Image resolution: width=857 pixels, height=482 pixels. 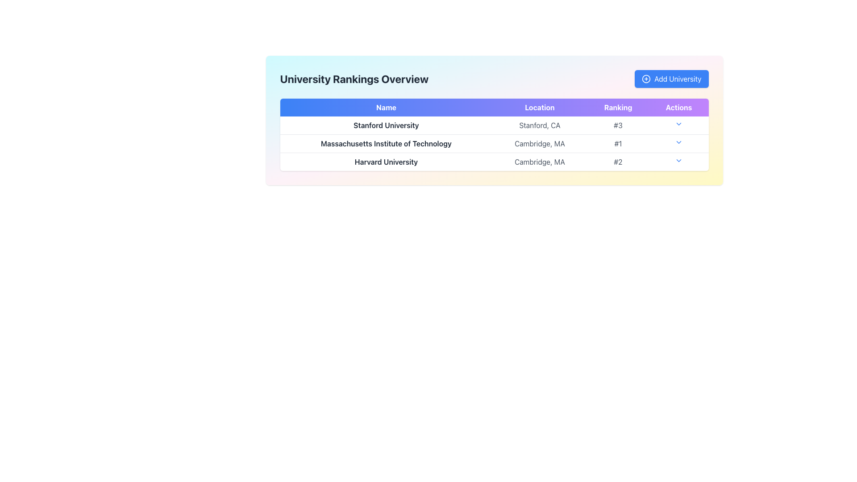 I want to click on the blue downward-pointing chevron in the Actions column of the row labeled 'Massachusetts Institute of Technology', so click(x=678, y=143).